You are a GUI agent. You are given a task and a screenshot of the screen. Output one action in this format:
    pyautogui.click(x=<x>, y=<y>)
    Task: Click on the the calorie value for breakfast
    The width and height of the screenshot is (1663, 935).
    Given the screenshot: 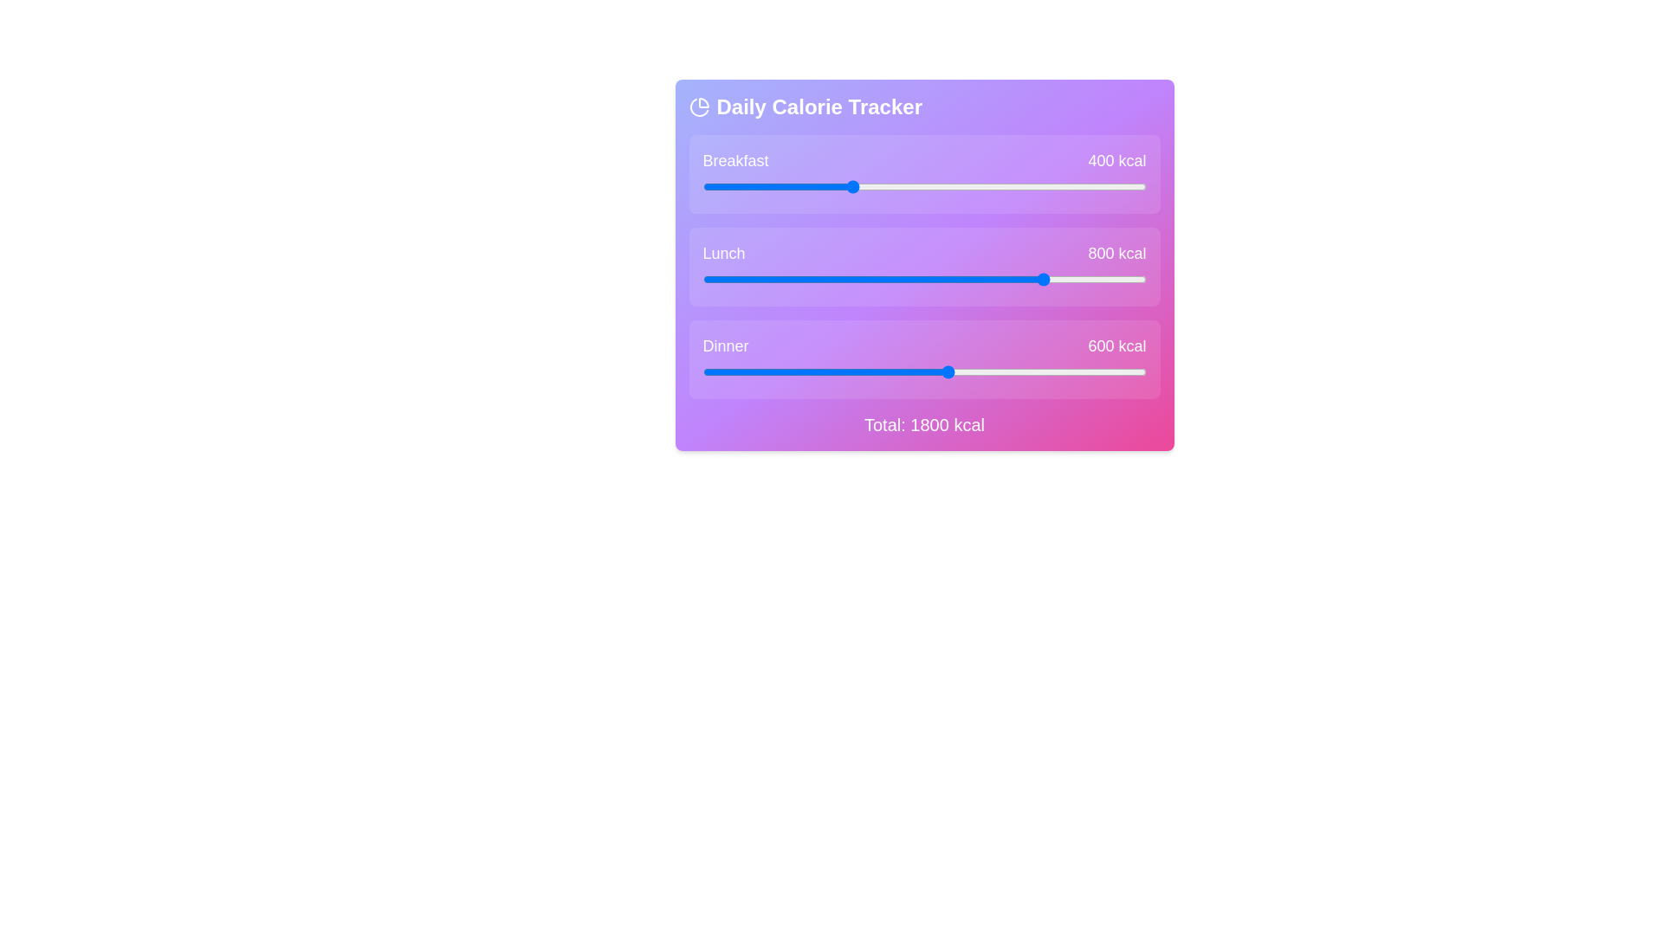 What is the action you would take?
    pyautogui.click(x=1042, y=187)
    